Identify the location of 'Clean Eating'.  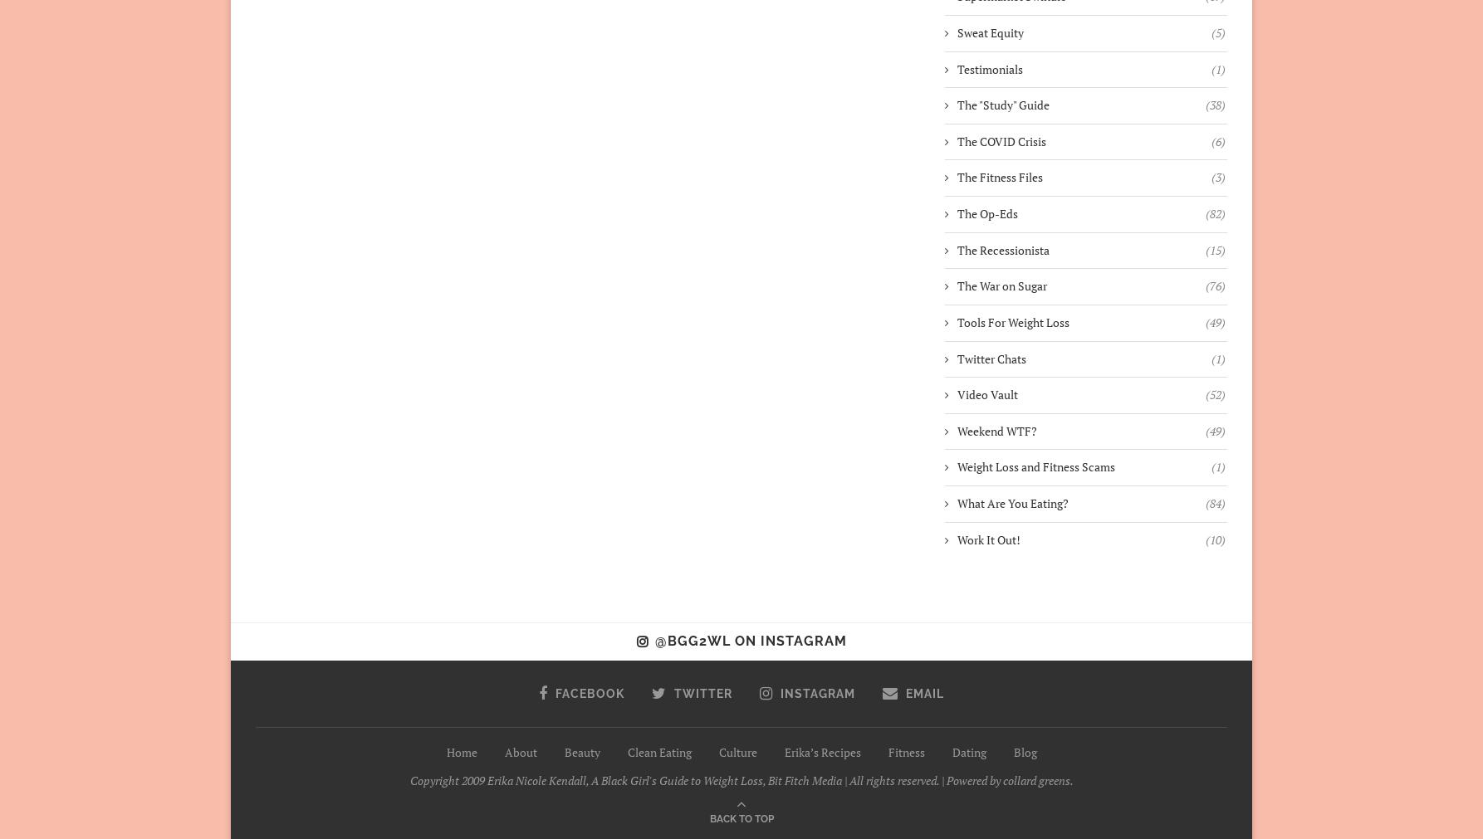
(658, 751).